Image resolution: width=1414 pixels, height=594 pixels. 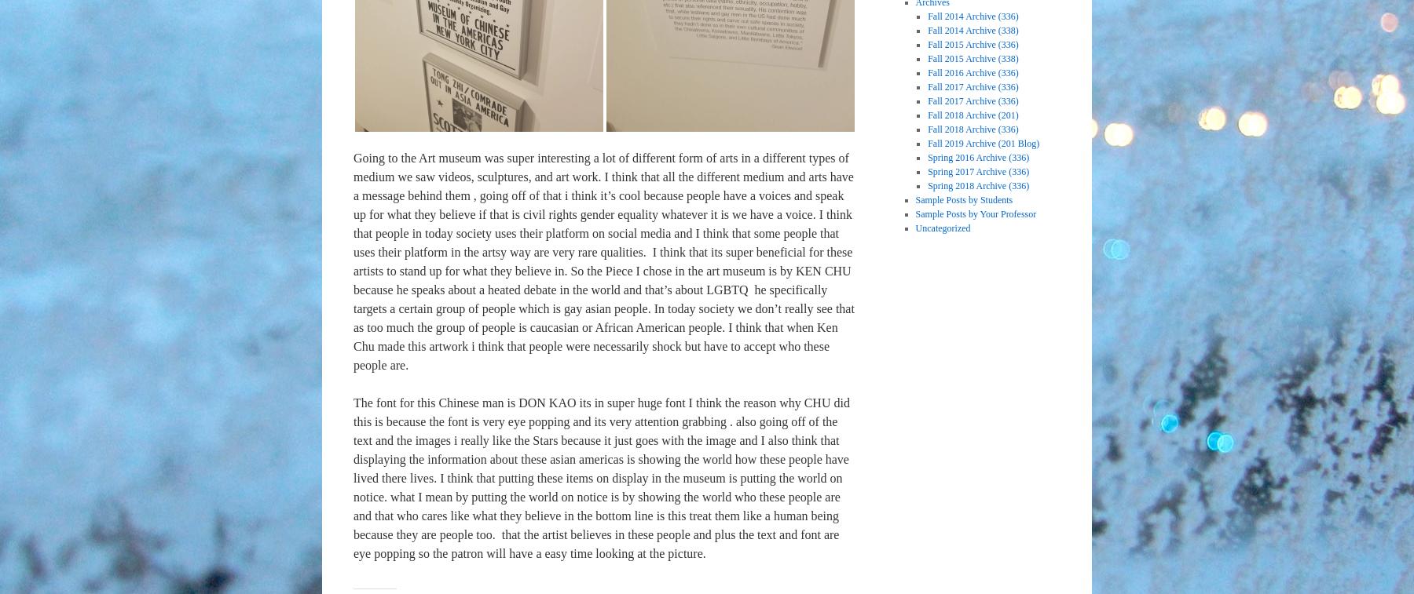 I want to click on 'Fall 2015 Archive (338)', so click(x=973, y=58).